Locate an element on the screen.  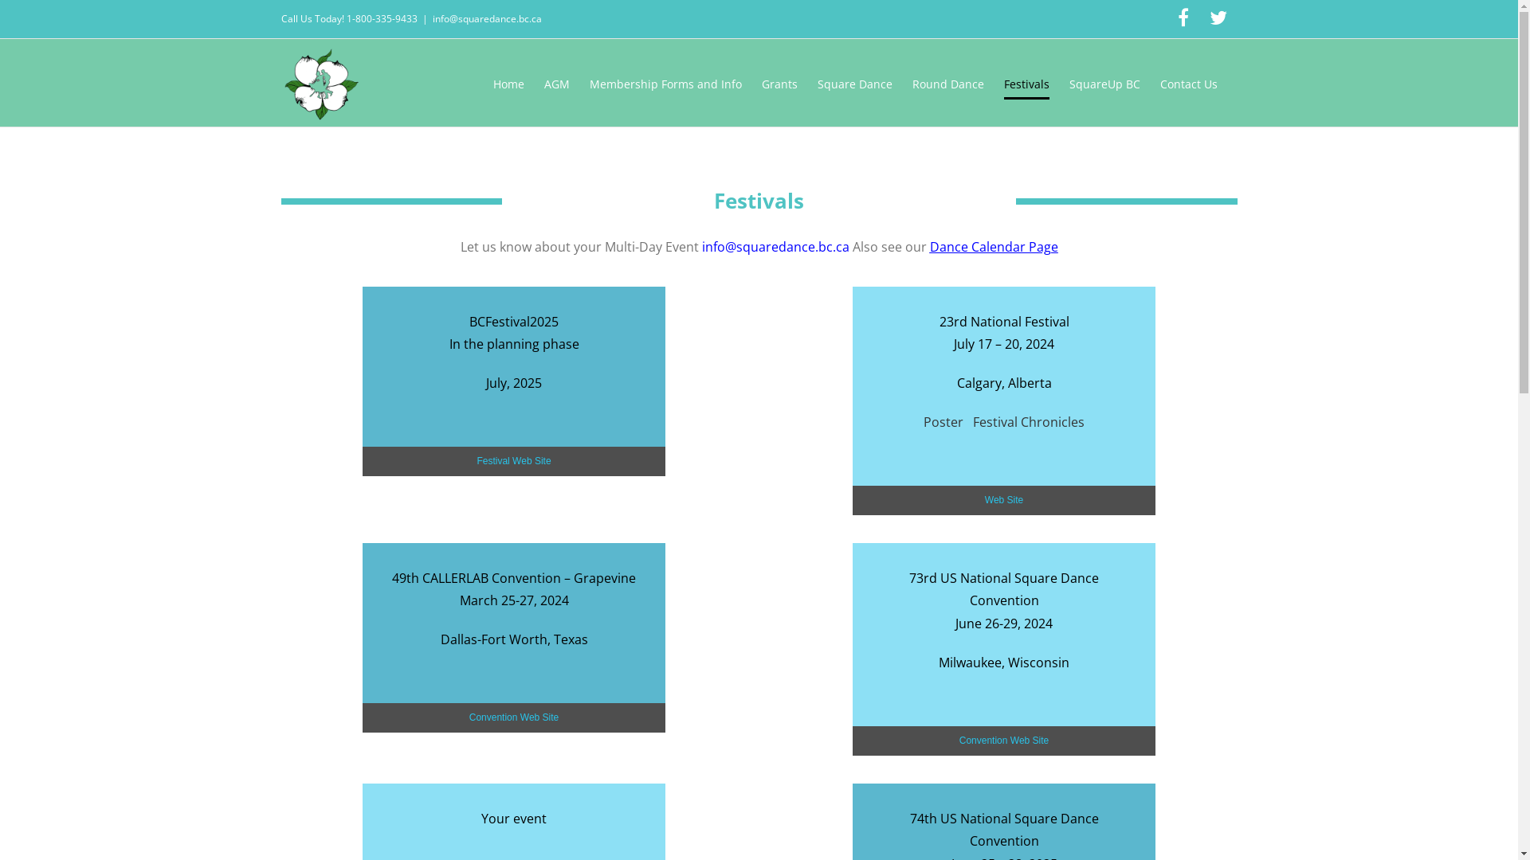
'Dance Calendar Page' is located at coordinates (992, 246).